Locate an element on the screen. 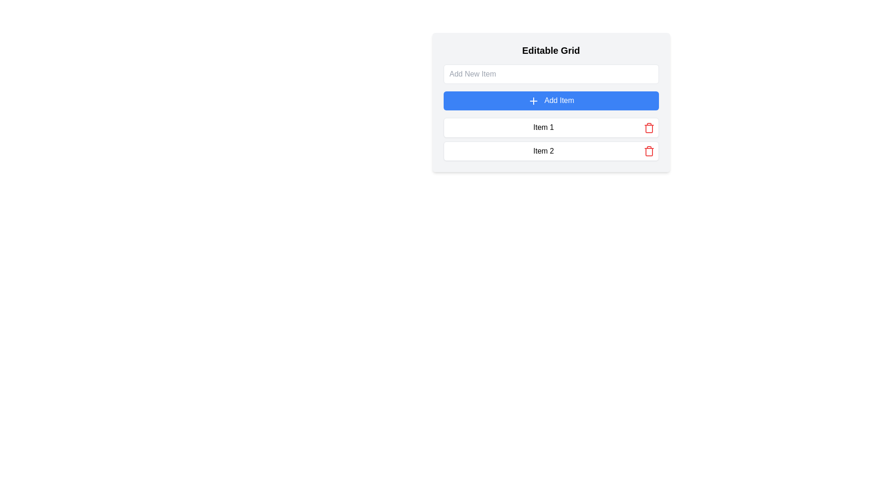  the delete button icon in the second row labeled 'Item 2' is located at coordinates (648, 150).